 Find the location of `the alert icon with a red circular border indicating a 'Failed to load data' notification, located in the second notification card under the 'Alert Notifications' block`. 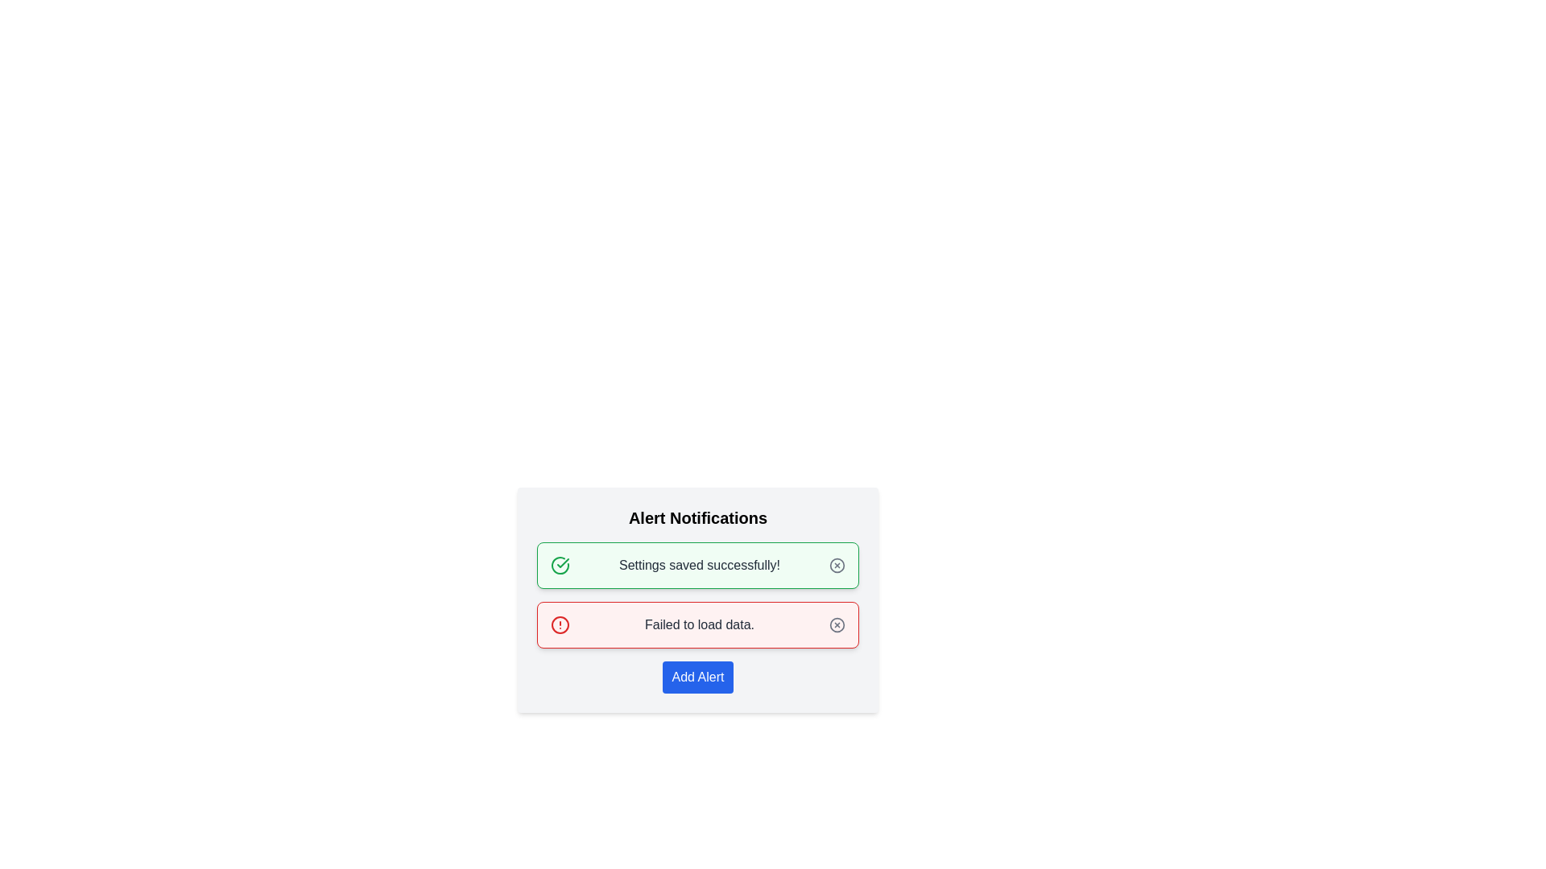

the alert icon with a red circular border indicating a 'Failed to load data' notification, located in the second notification card under the 'Alert Notifications' block is located at coordinates (560, 624).